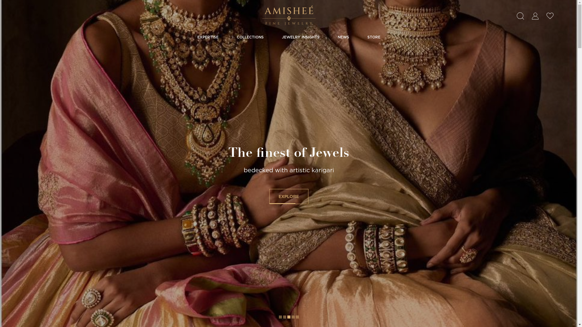 Image resolution: width=582 pixels, height=327 pixels. What do you see at coordinates (250, 37) in the screenshot?
I see `'COLLECTIONS'` at bounding box center [250, 37].